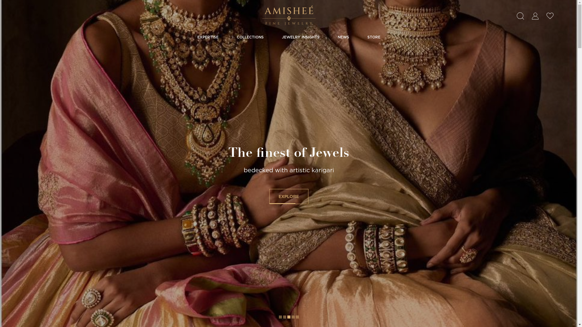 Image resolution: width=582 pixels, height=327 pixels. What do you see at coordinates (250, 37) in the screenshot?
I see `'COLLECTIONS'` at bounding box center [250, 37].